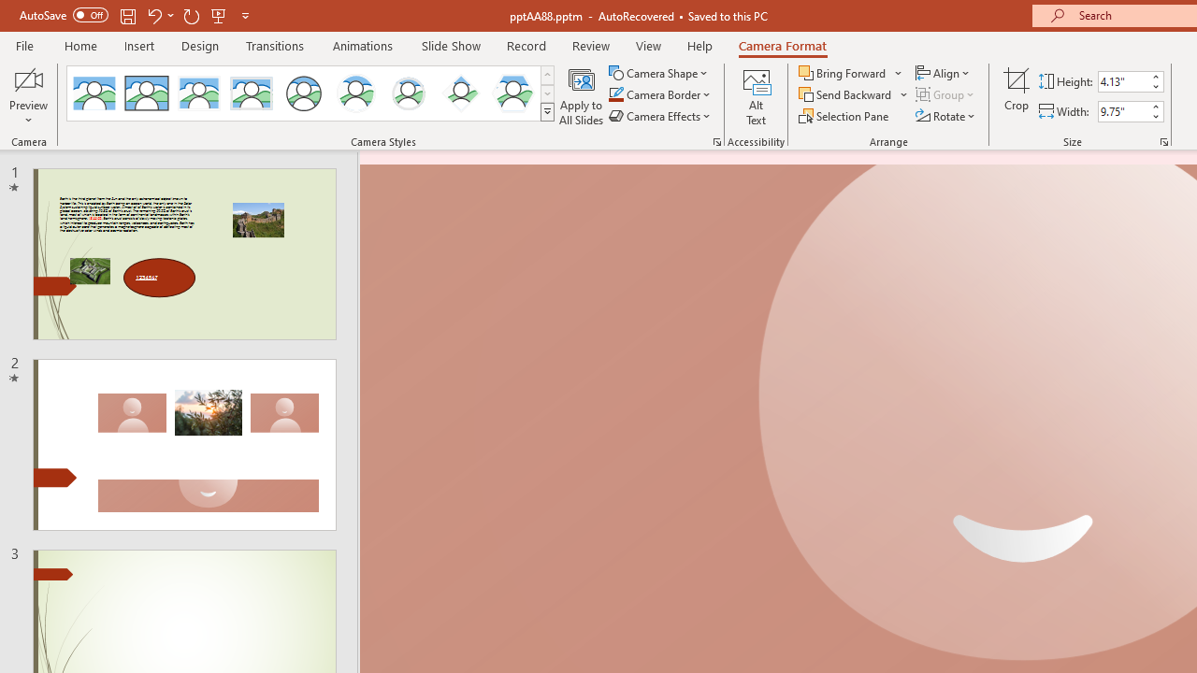 This screenshot has width=1197, height=673. Describe the element at coordinates (546, 112) in the screenshot. I see `'Camera Styles'` at that location.